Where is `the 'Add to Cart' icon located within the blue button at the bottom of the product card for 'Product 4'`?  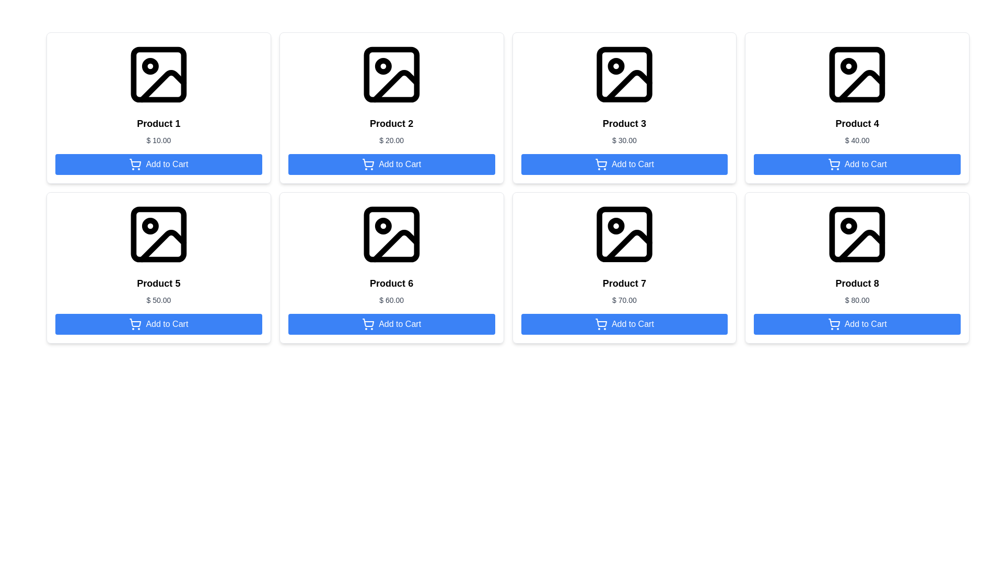
the 'Add to Cart' icon located within the blue button at the bottom of the product card for 'Product 4' is located at coordinates (833, 163).